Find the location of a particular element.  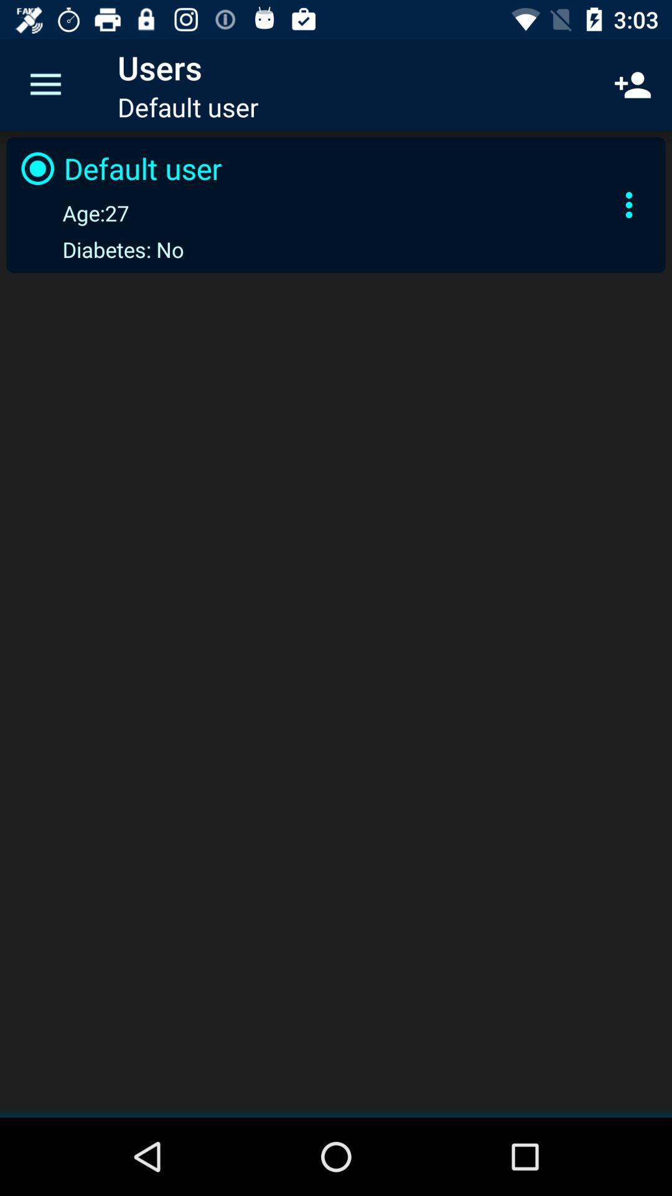

the icon to the right of the default user icon is located at coordinates (633, 84).